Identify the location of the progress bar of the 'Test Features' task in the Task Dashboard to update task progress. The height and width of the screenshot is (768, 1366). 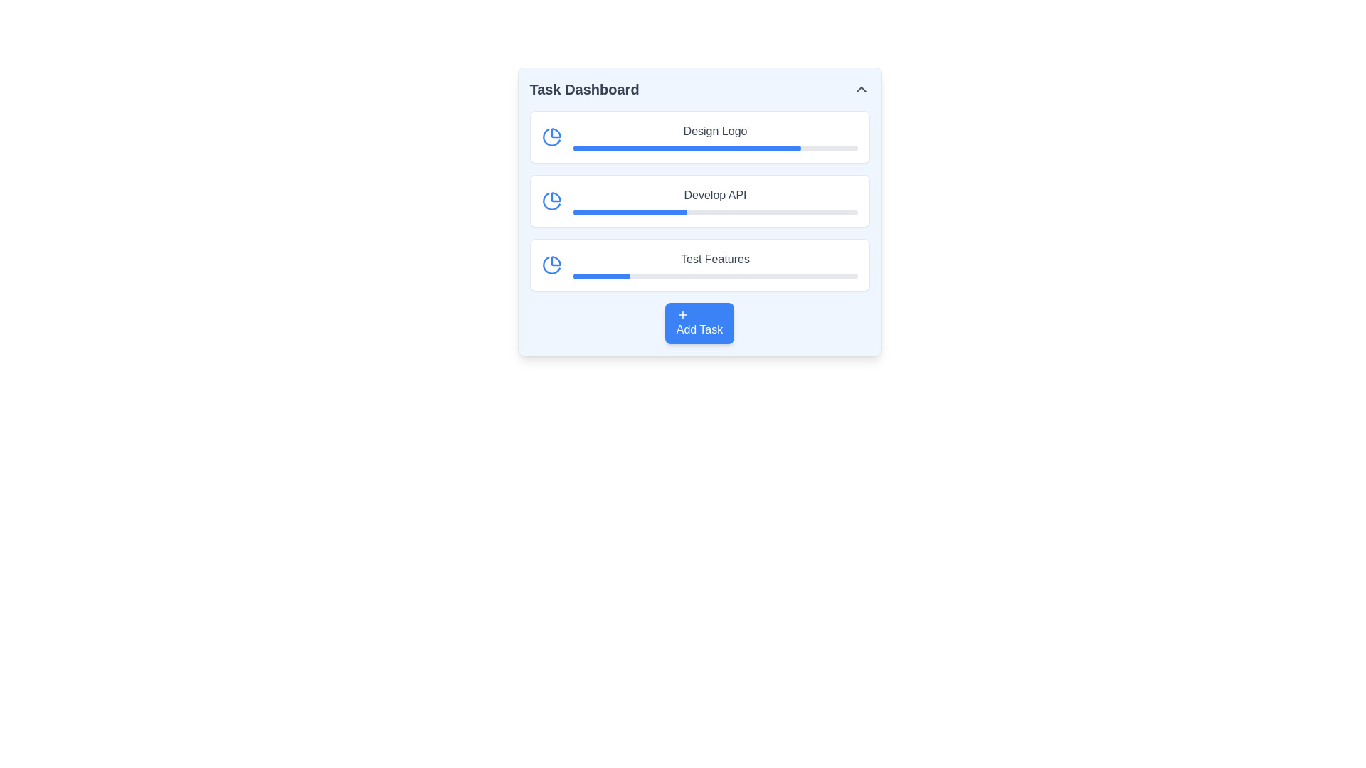
(715, 265).